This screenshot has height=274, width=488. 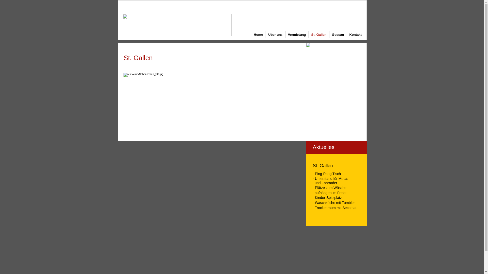 I want to click on 'Home', so click(x=258, y=35).